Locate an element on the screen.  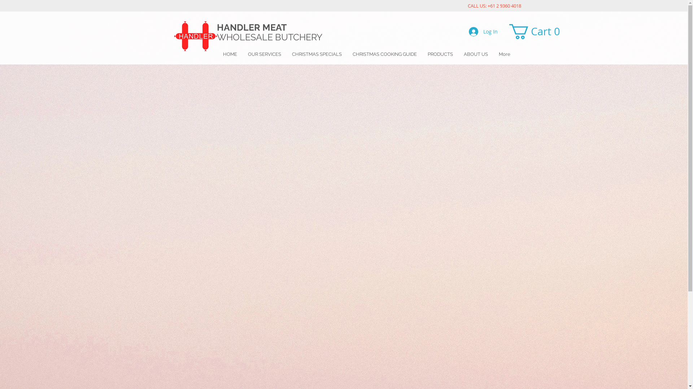
'CHRISTMAS COOKING GUIDE' is located at coordinates (384, 54).